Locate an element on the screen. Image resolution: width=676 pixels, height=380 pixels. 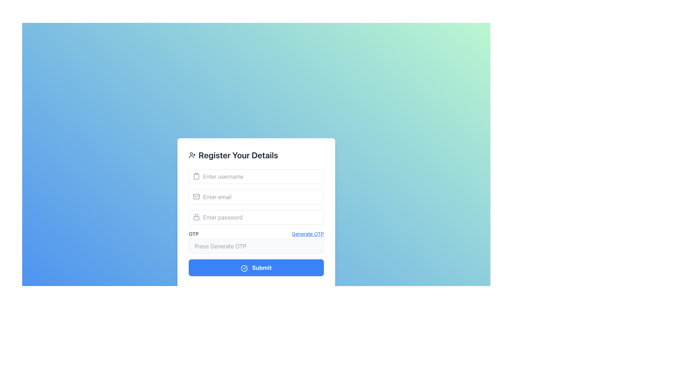
the submit button located in the centered panel below the text input field is located at coordinates (256, 267).